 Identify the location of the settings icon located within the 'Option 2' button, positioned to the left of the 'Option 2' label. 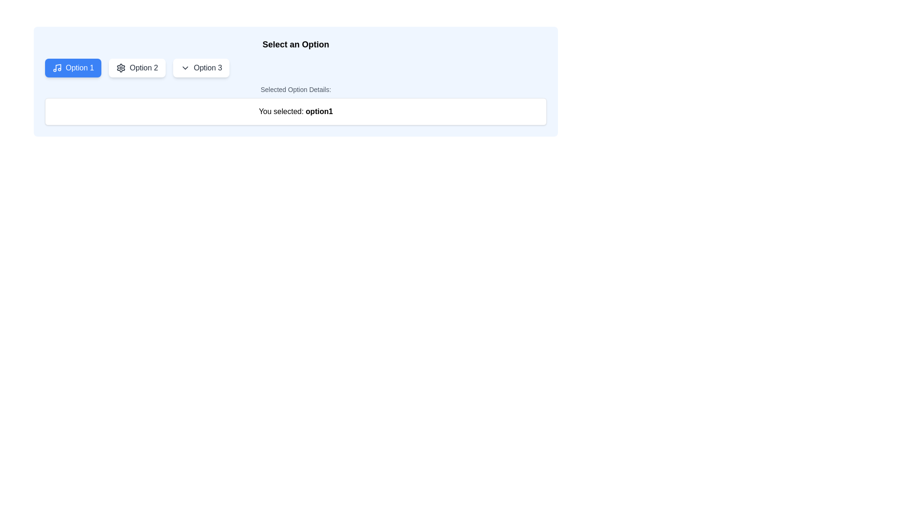
(121, 68).